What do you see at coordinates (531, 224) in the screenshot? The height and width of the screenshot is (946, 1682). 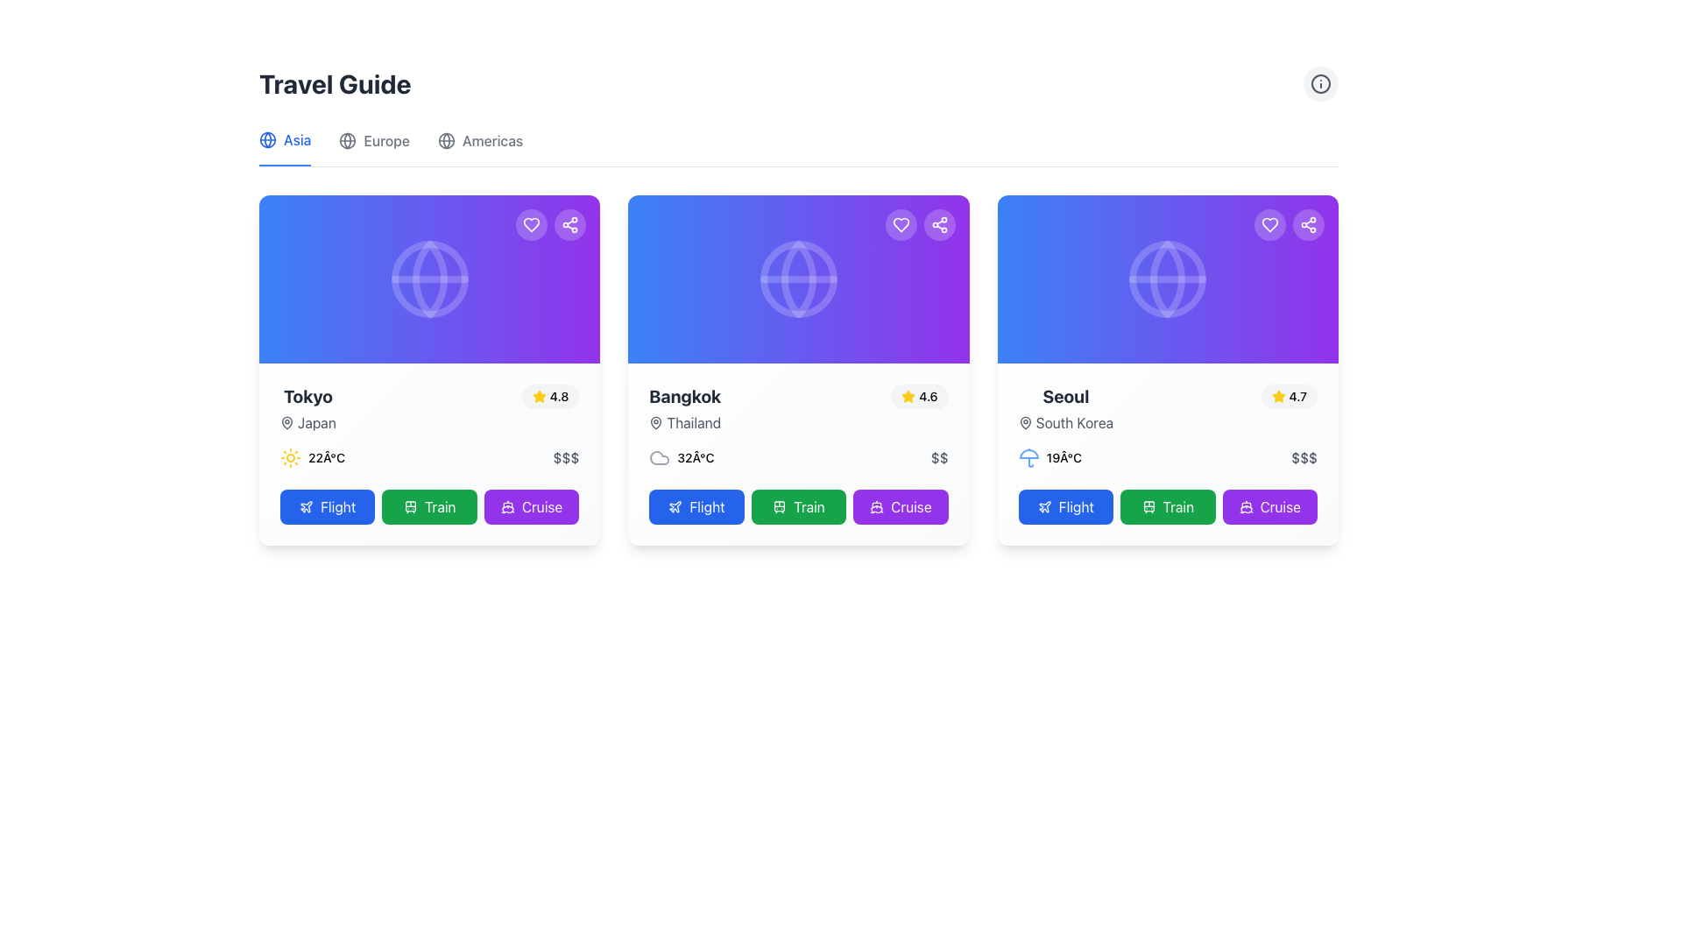 I see `the circular button with a white heart icon located at the top-right corner of the 'Tokyo' card in the travel guide interface` at bounding box center [531, 224].